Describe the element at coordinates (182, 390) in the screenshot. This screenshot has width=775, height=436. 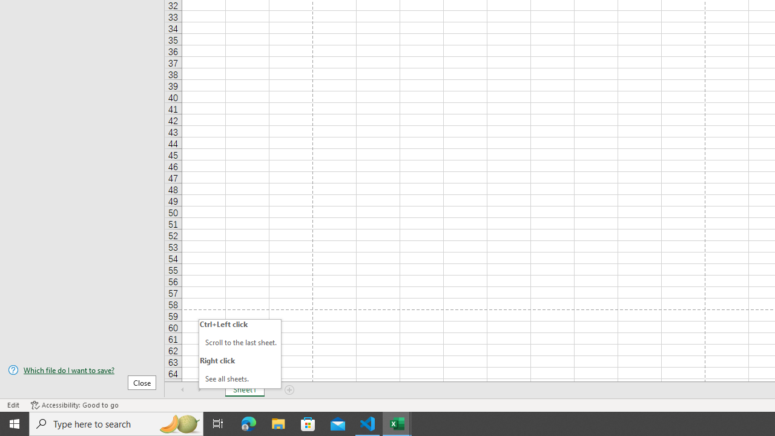
I see `'Scroll Left'` at that location.